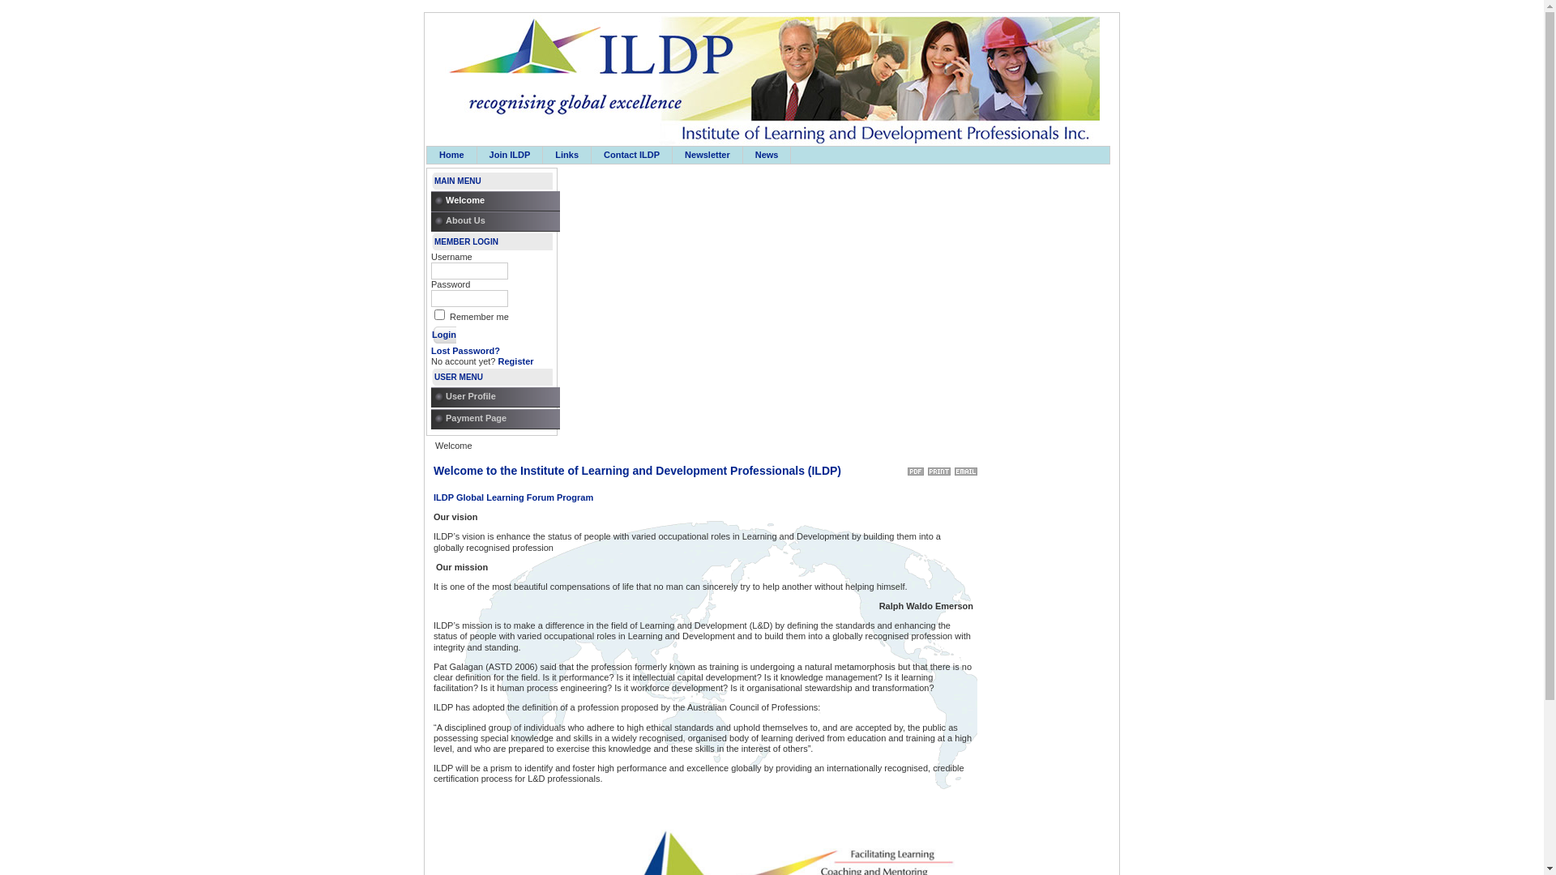 This screenshot has width=1556, height=875. What do you see at coordinates (673, 155) in the screenshot?
I see `'Newsletter'` at bounding box center [673, 155].